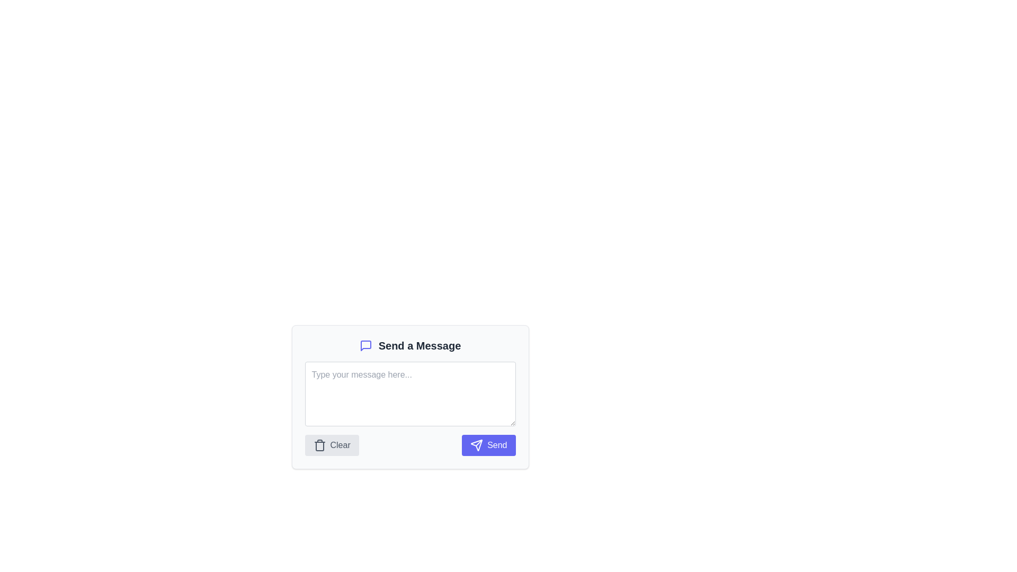 This screenshot has height=572, width=1017. What do you see at coordinates (365, 345) in the screenshot?
I see `the messaging icon located to the left of the 'Send a Message' text heading, as it serves as a navigational symbol for messaging functionality` at bounding box center [365, 345].